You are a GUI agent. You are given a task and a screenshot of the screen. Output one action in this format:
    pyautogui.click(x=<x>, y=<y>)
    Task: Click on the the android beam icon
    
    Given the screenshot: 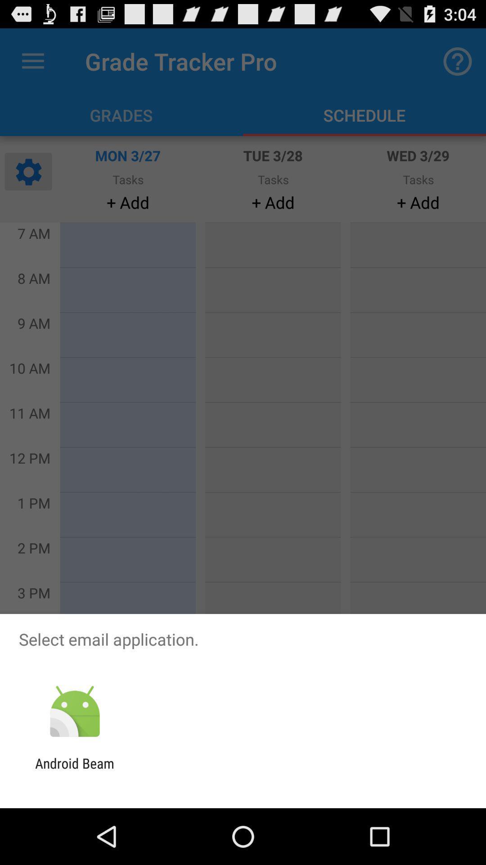 What is the action you would take?
    pyautogui.click(x=74, y=771)
    